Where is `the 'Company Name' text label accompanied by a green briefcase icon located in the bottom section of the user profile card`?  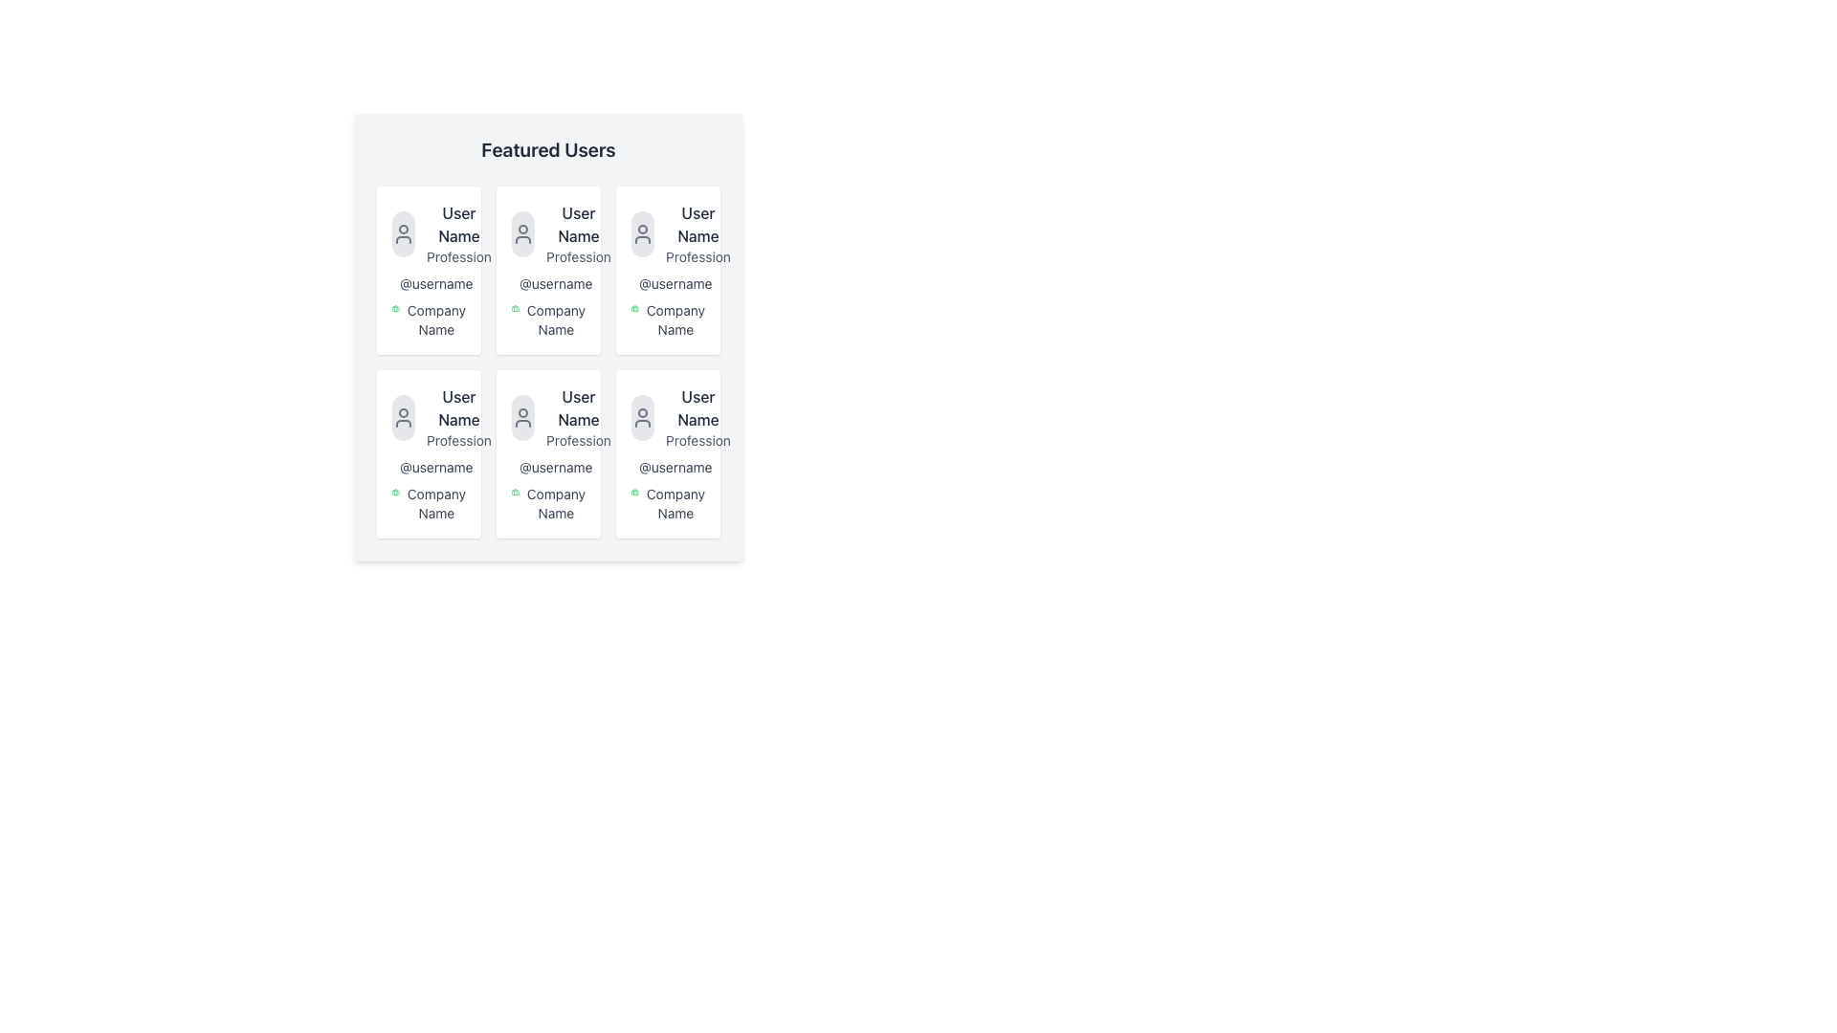
the 'Company Name' text label accompanied by a green briefcase icon located in the bottom section of the user profile card is located at coordinates (668, 319).